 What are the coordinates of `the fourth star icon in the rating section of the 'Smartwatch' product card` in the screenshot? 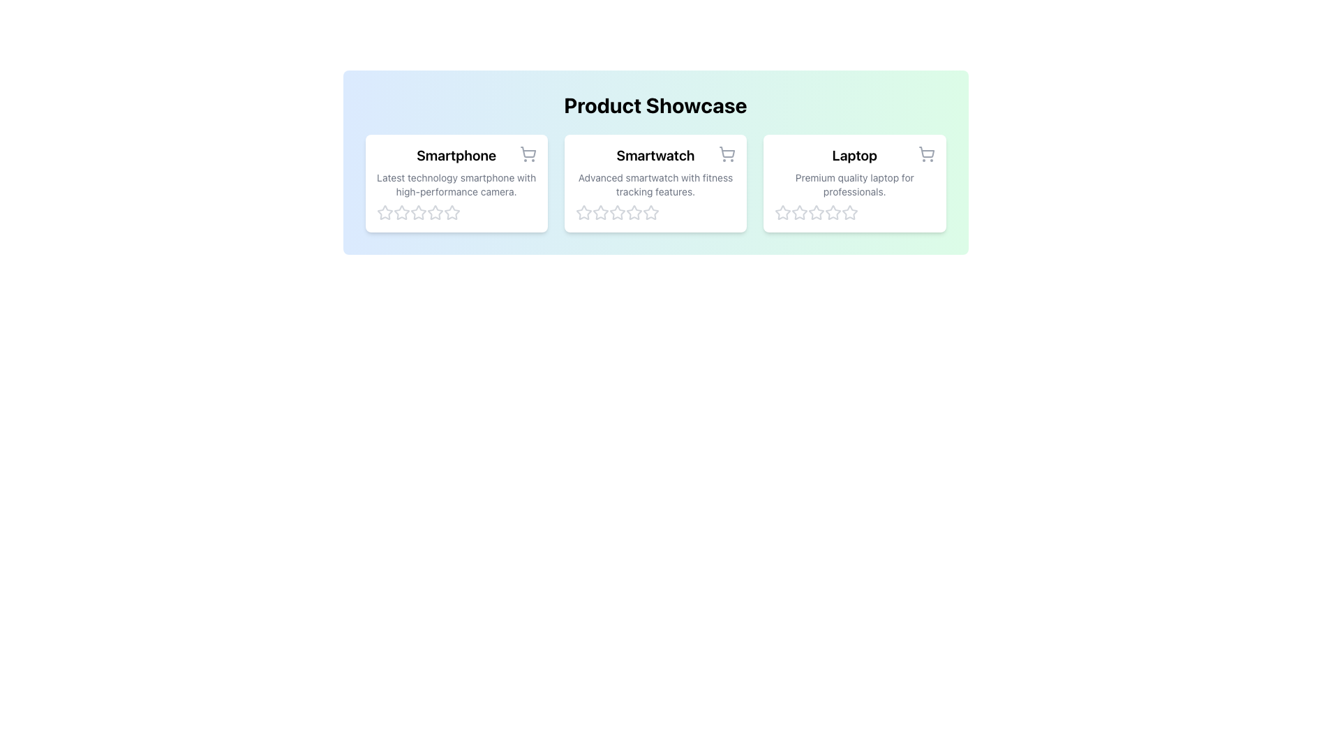 It's located at (633, 212).